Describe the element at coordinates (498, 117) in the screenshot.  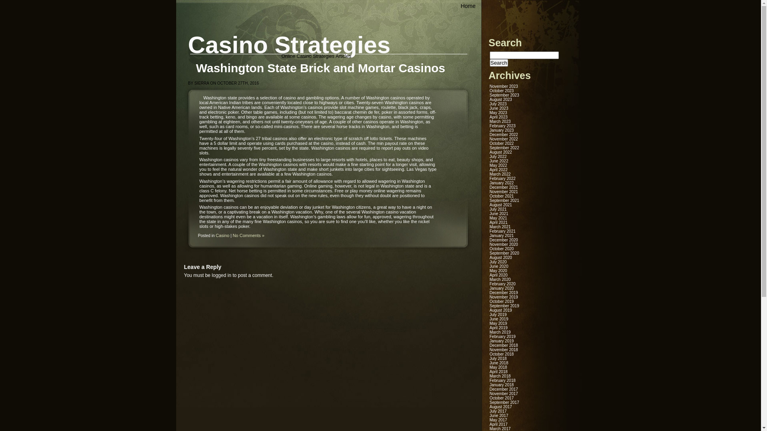
I see `'April 2023'` at that location.